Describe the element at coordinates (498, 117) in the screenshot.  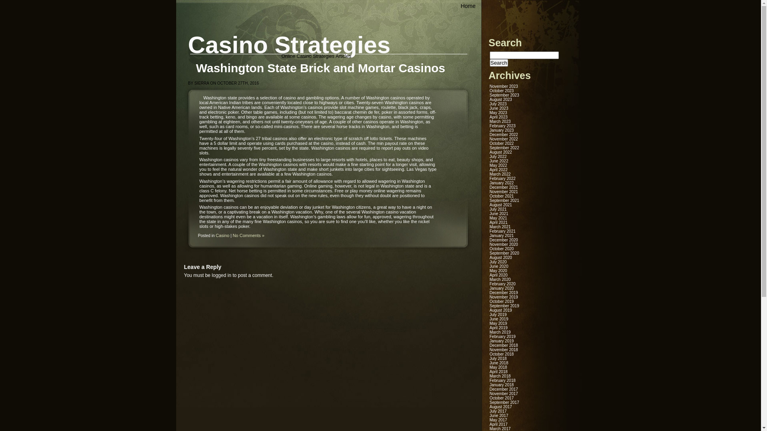
I see `'April 2023'` at that location.